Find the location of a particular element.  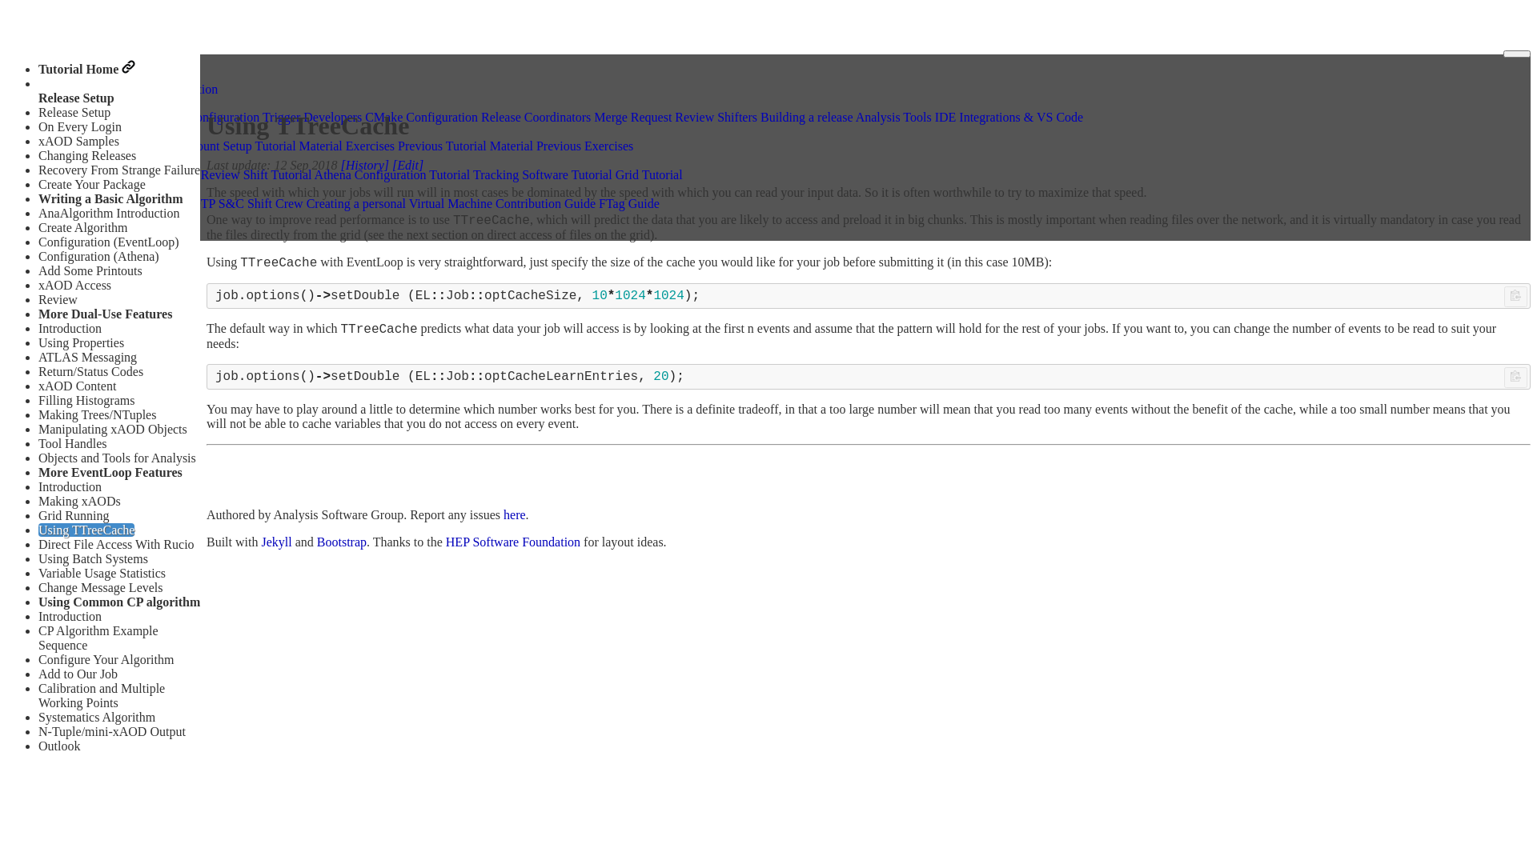

'Athena Developers' is located at coordinates (94, 116).